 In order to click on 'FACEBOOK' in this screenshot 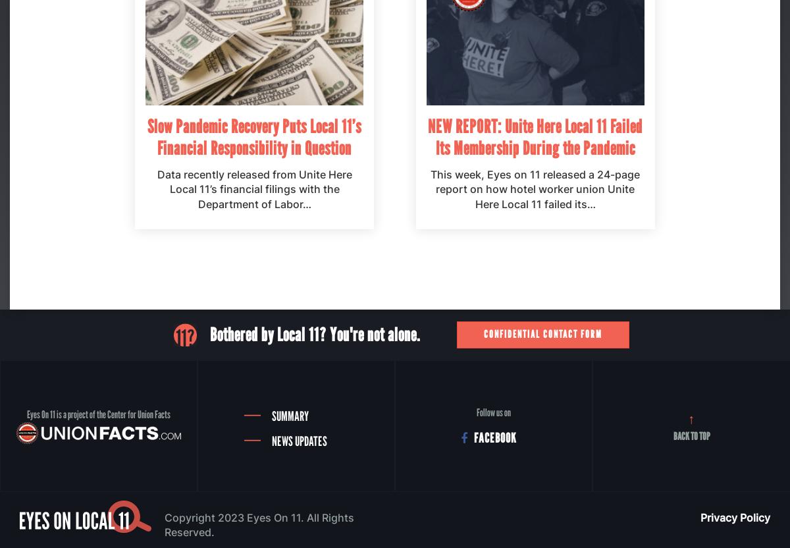, I will do `click(494, 438)`.